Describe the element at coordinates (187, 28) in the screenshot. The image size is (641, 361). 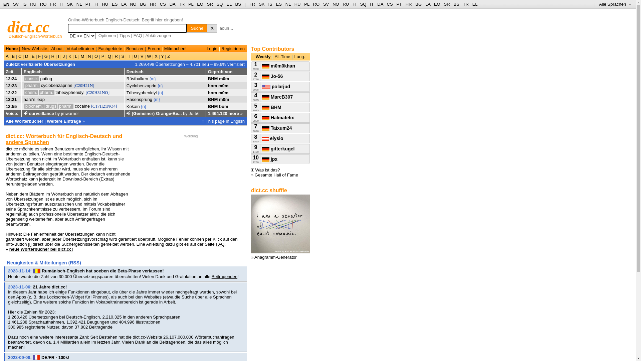
I see `'Suche'` at that location.